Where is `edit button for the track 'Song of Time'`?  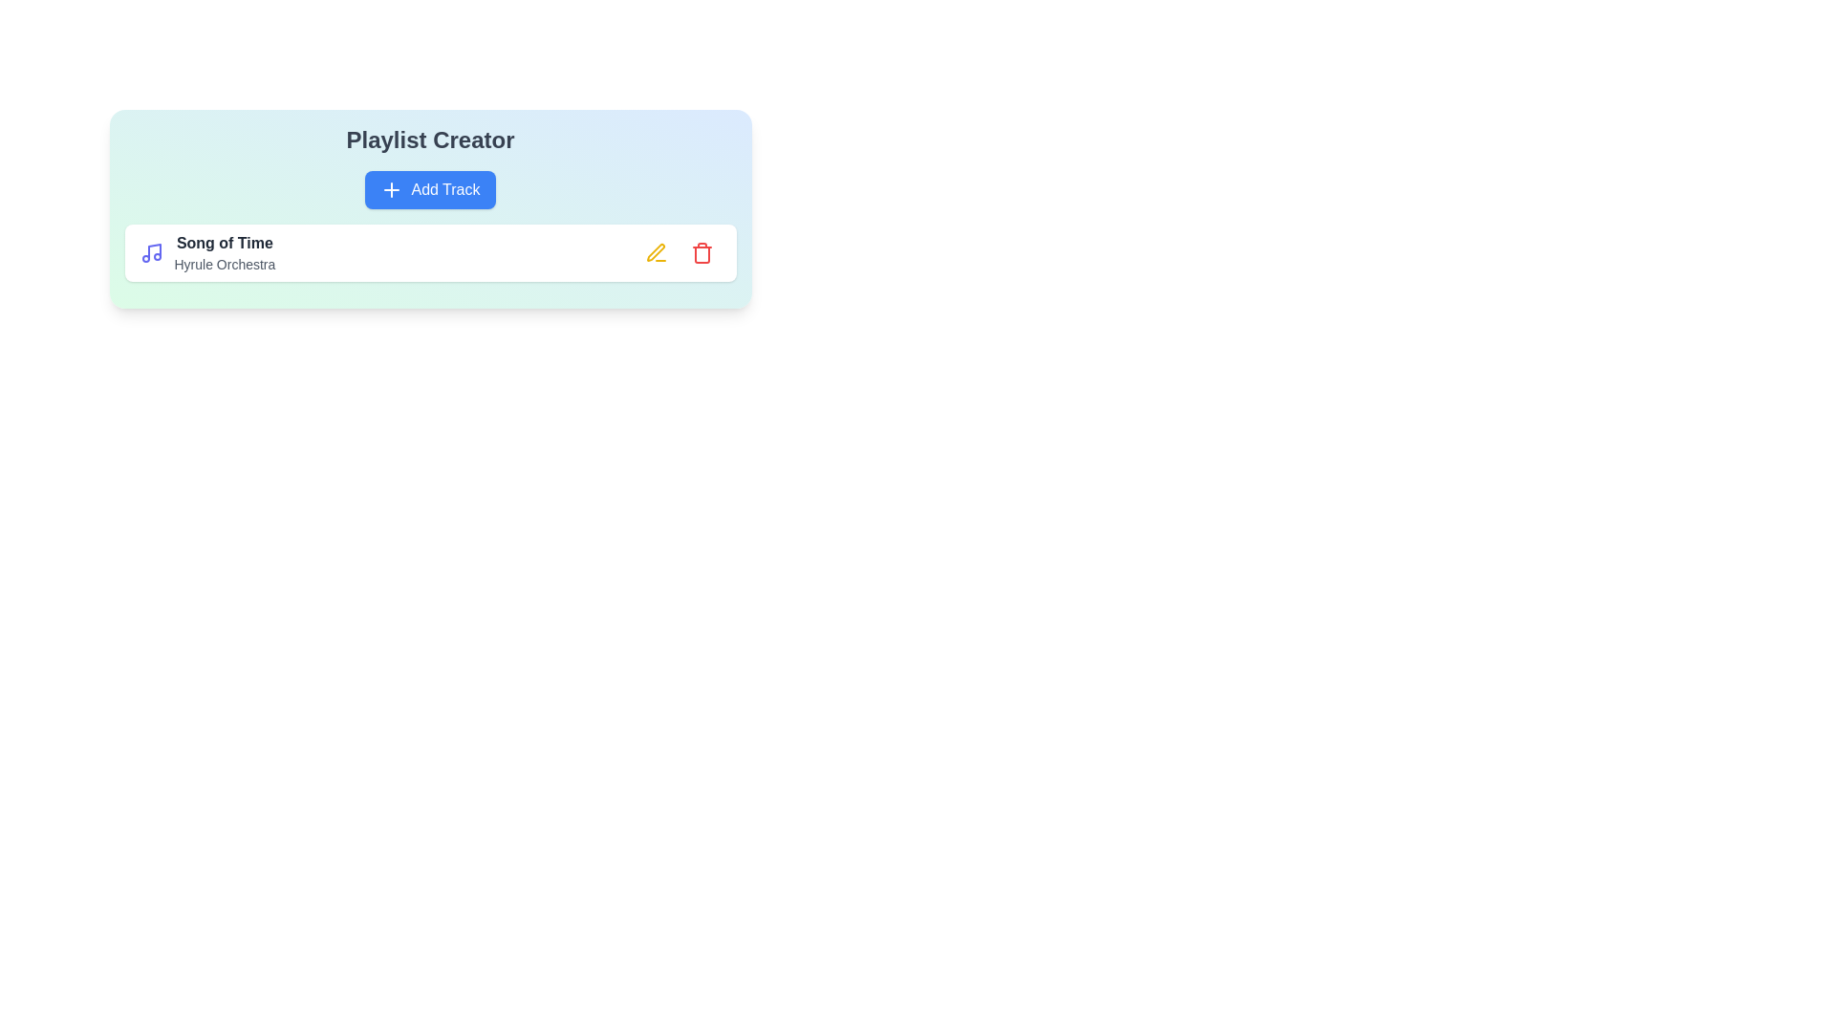 edit button for the track 'Song of Time' is located at coordinates (656, 252).